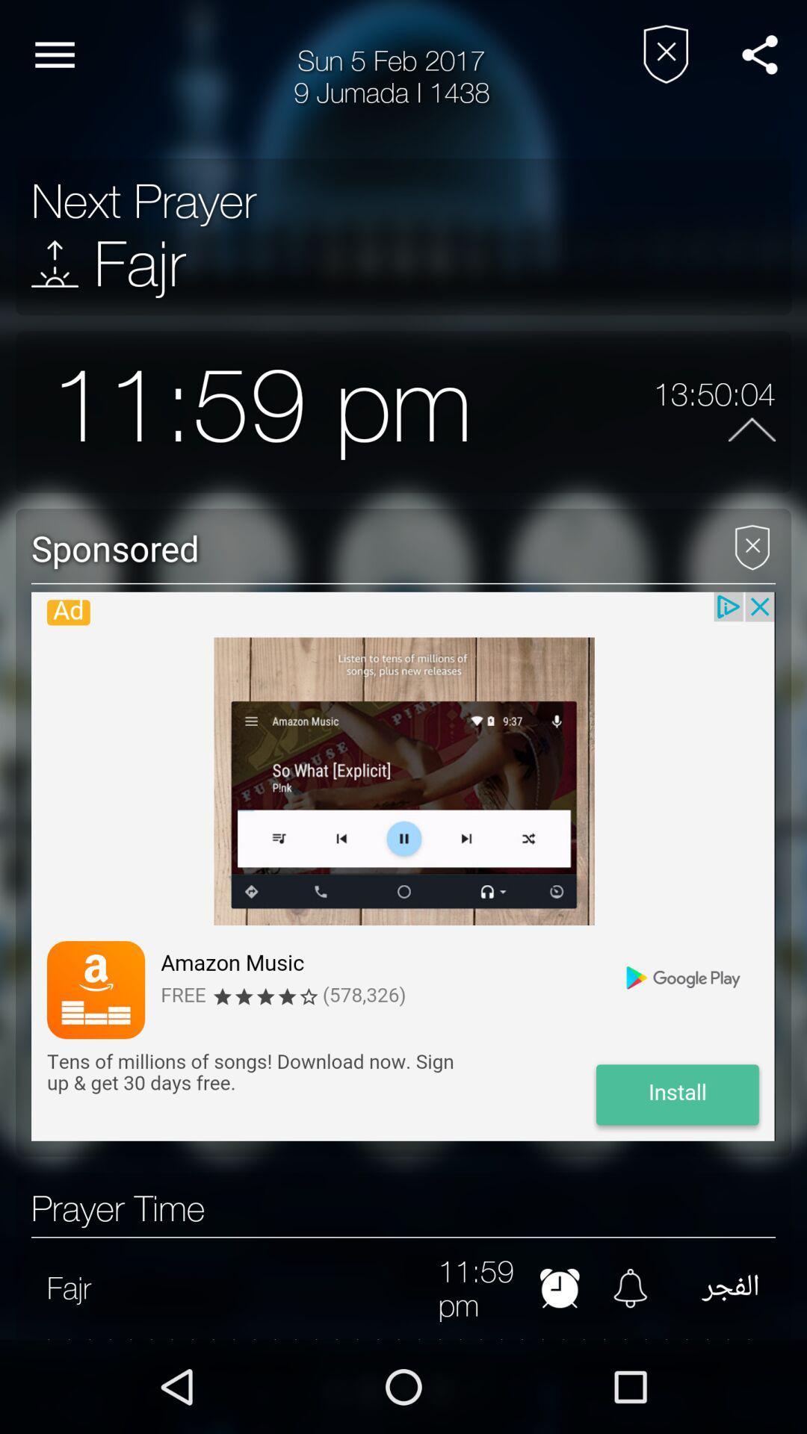 The width and height of the screenshot is (807, 1434). I want to click on timer, so click(560, 1287).